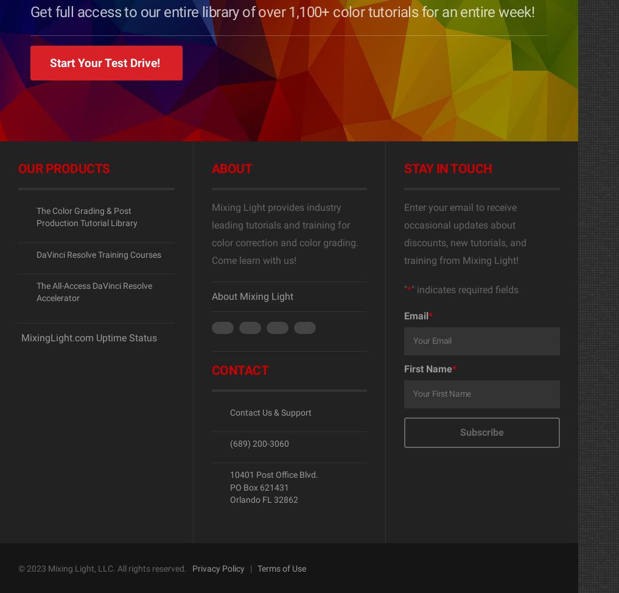  What do you see at coordinates (427, 369) in the screenshot?
I see `'First Name'` at bounding box center [427, 369].